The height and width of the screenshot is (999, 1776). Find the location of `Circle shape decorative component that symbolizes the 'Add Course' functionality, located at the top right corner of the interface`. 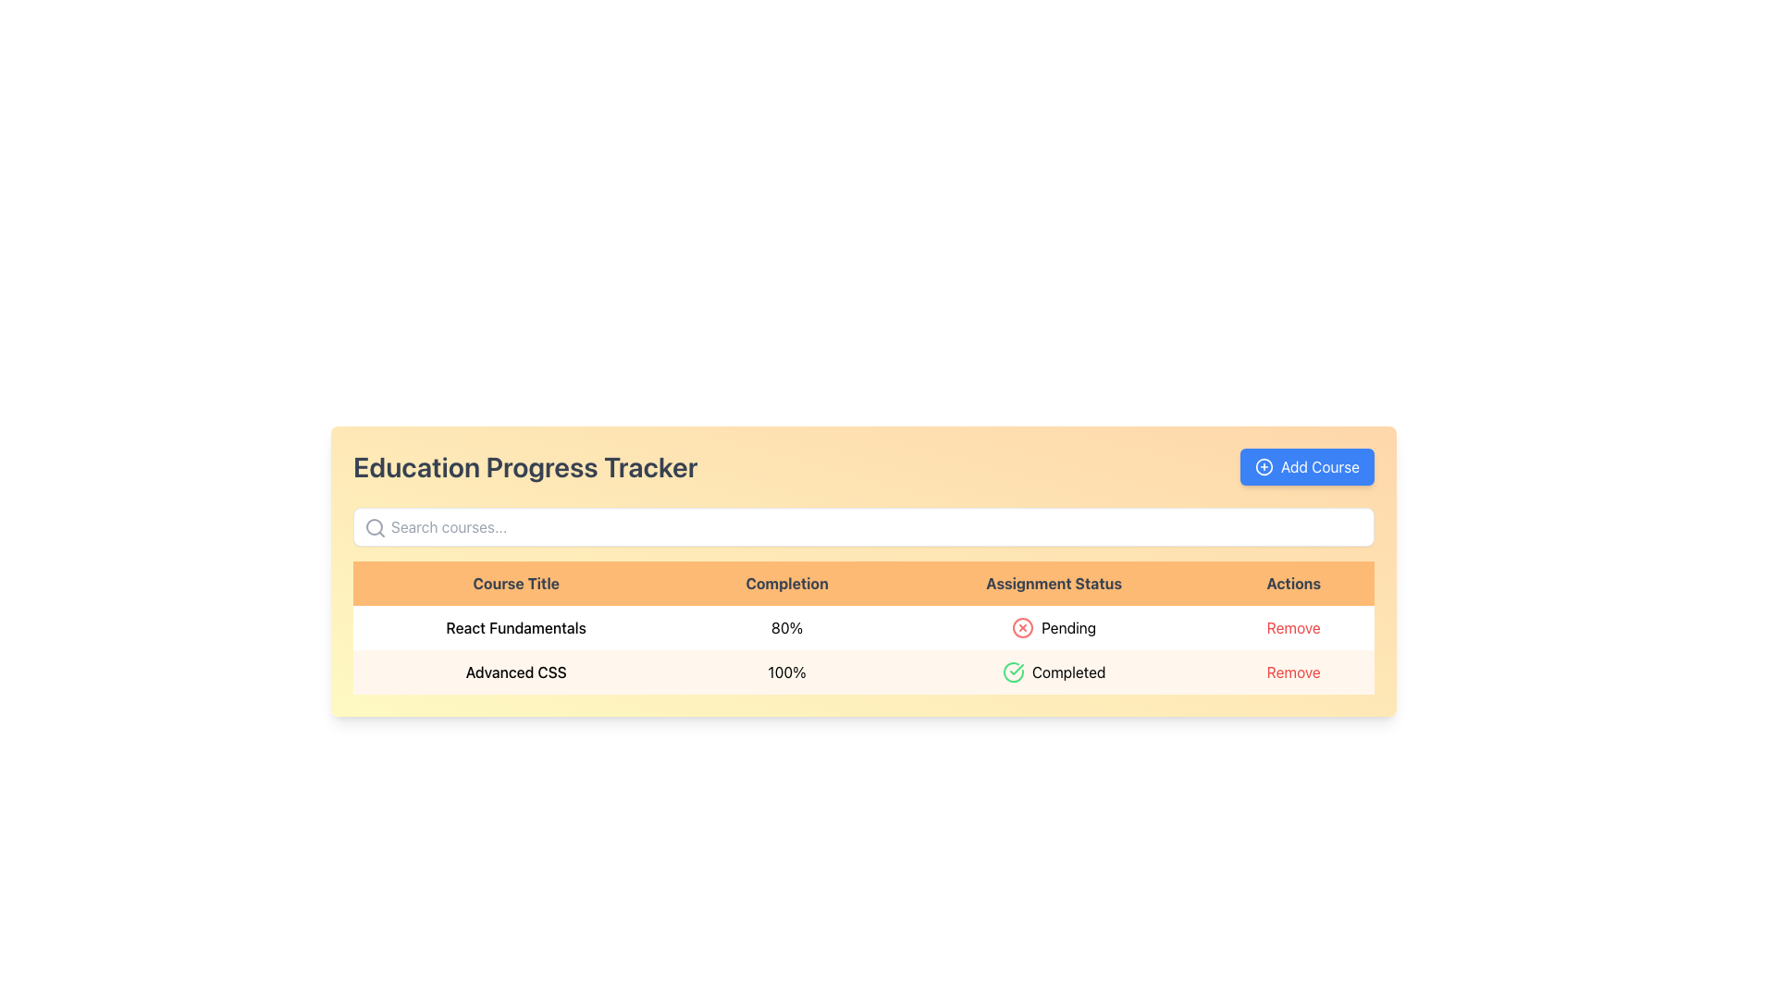

Circle shape decorative component that symbolizes the 'Add Course' functionality, located at the top right corner of the interface is located at coordinates (1264, 466).